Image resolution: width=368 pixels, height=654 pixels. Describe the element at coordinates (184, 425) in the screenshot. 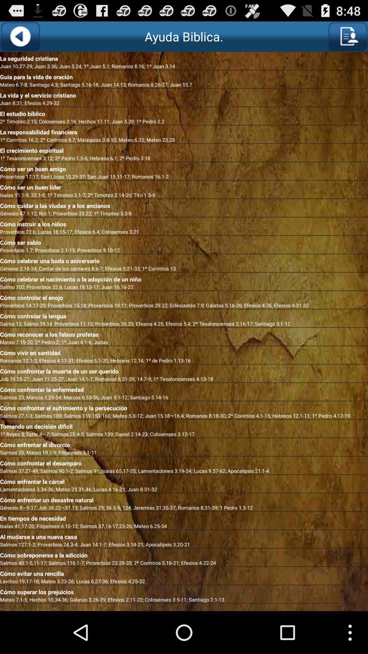

I see `the icon below the salmos 27 1` at that location.